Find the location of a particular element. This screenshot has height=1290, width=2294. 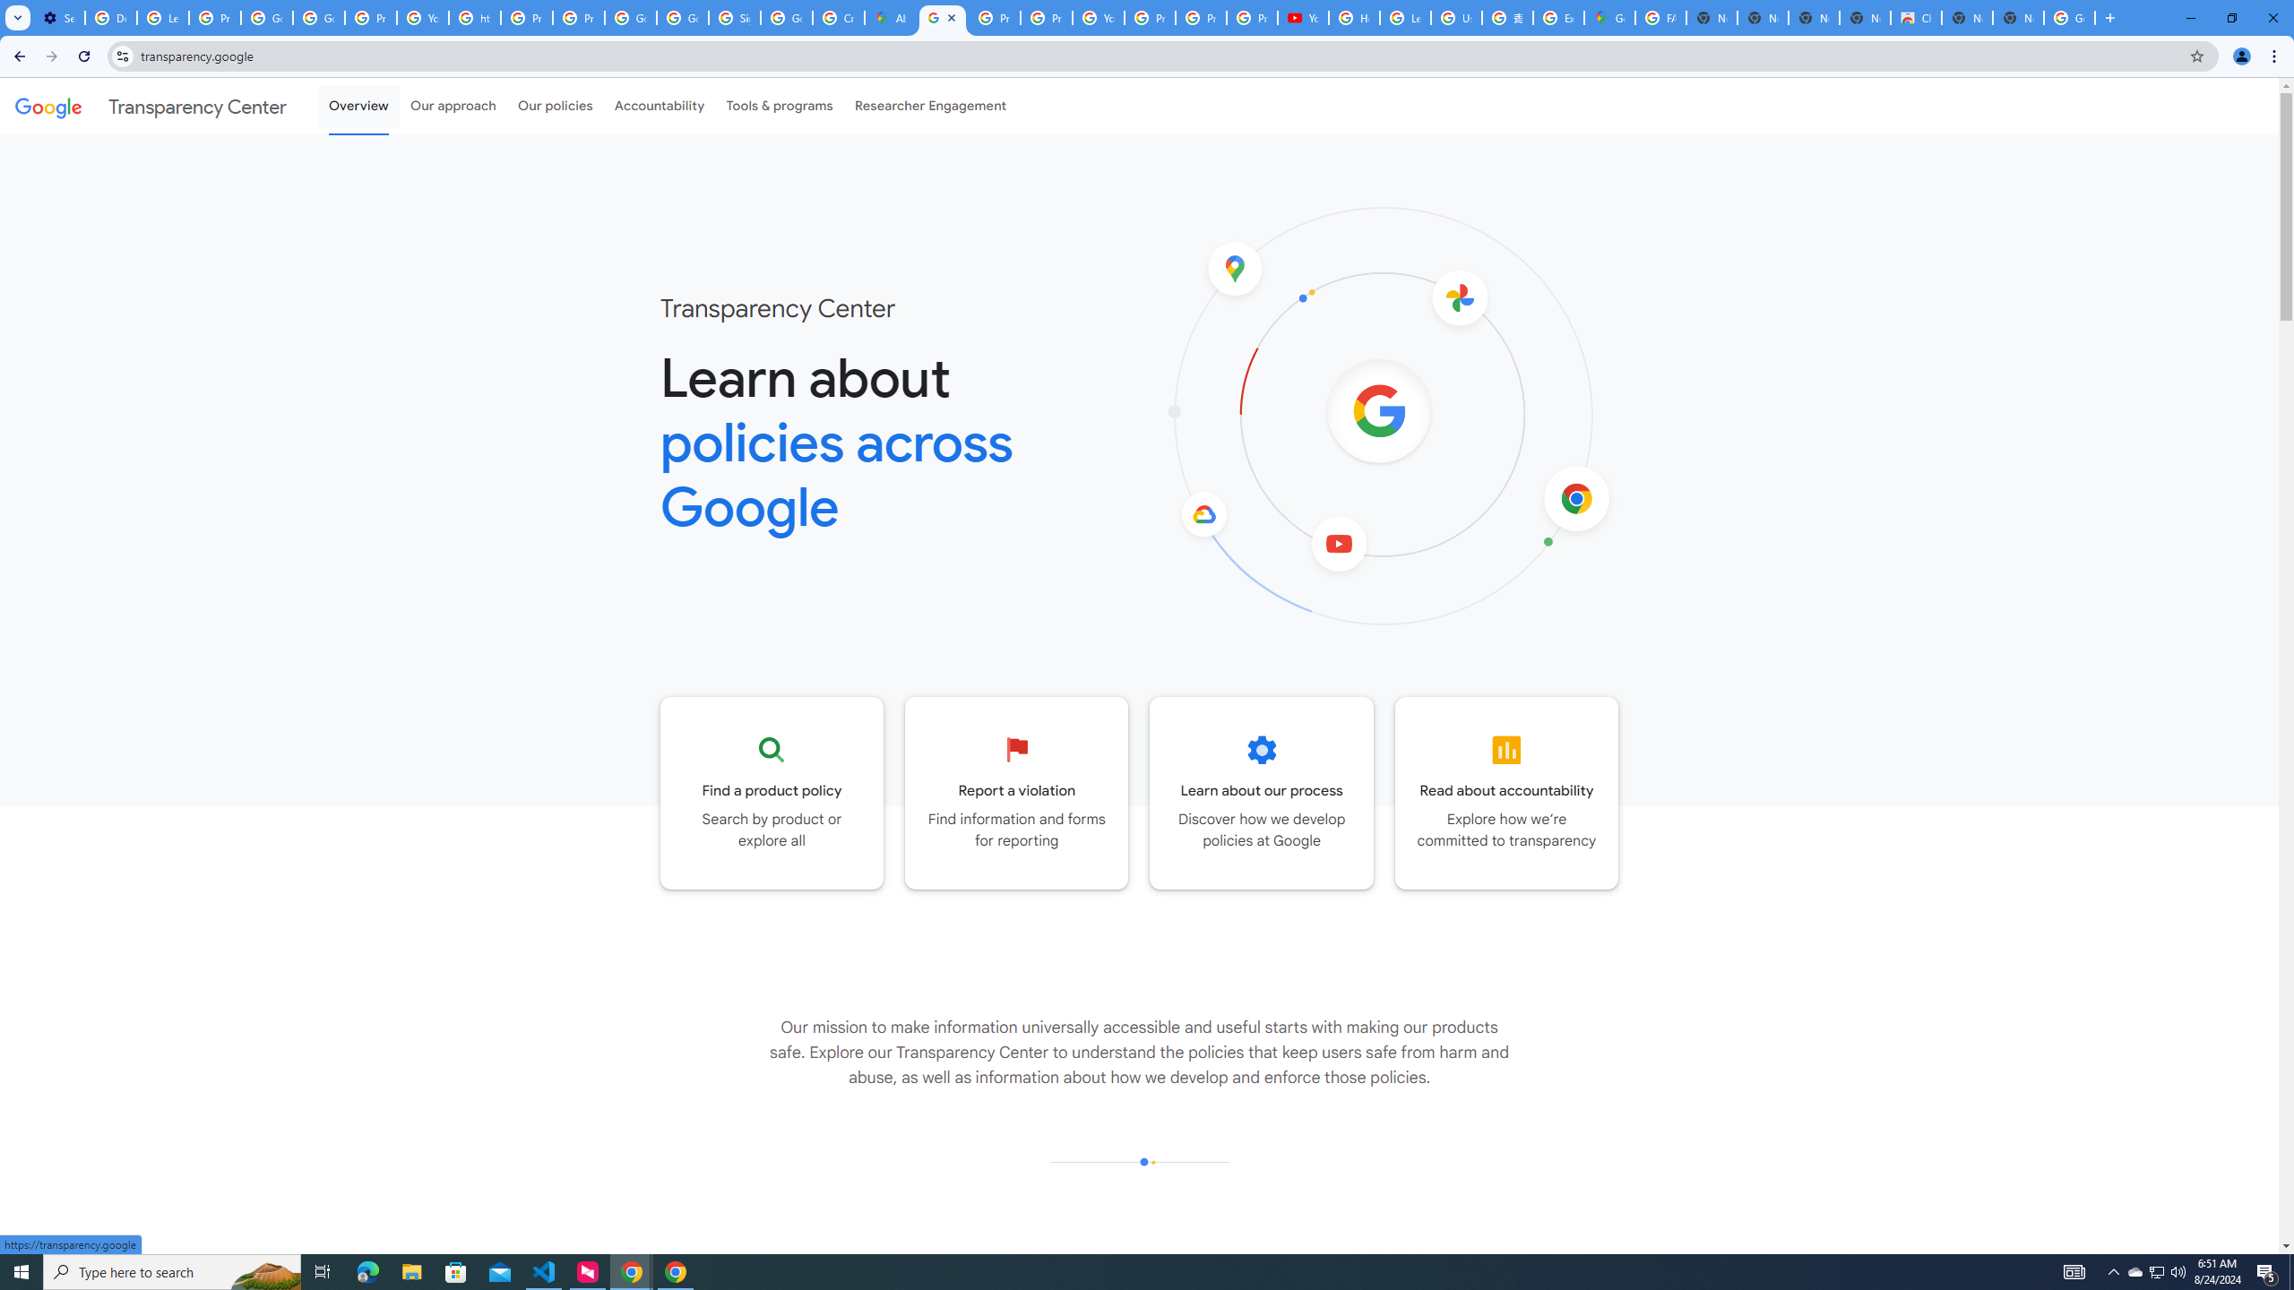

'Google Account Help' is located at coordinates (266, 17).